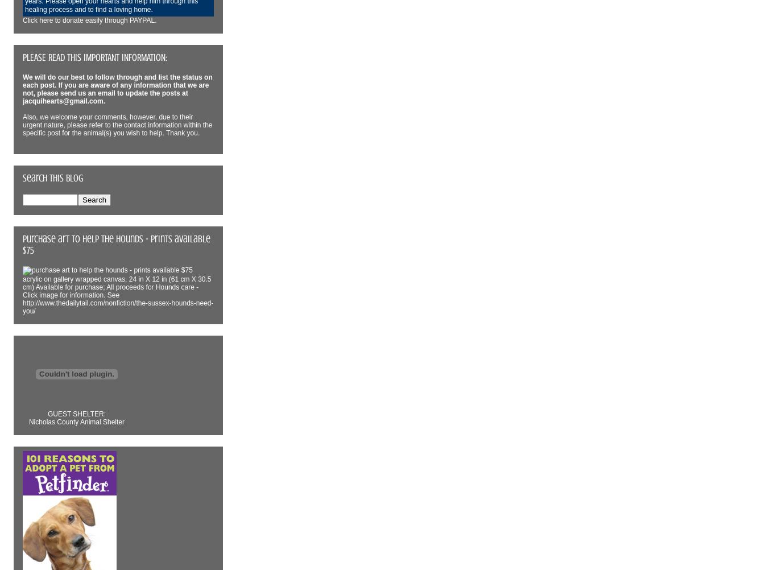 The width and height of the screenshot is (778, 570). I want to click on 'Click here to donate easily through PAYPAL.', so click(22, 20).